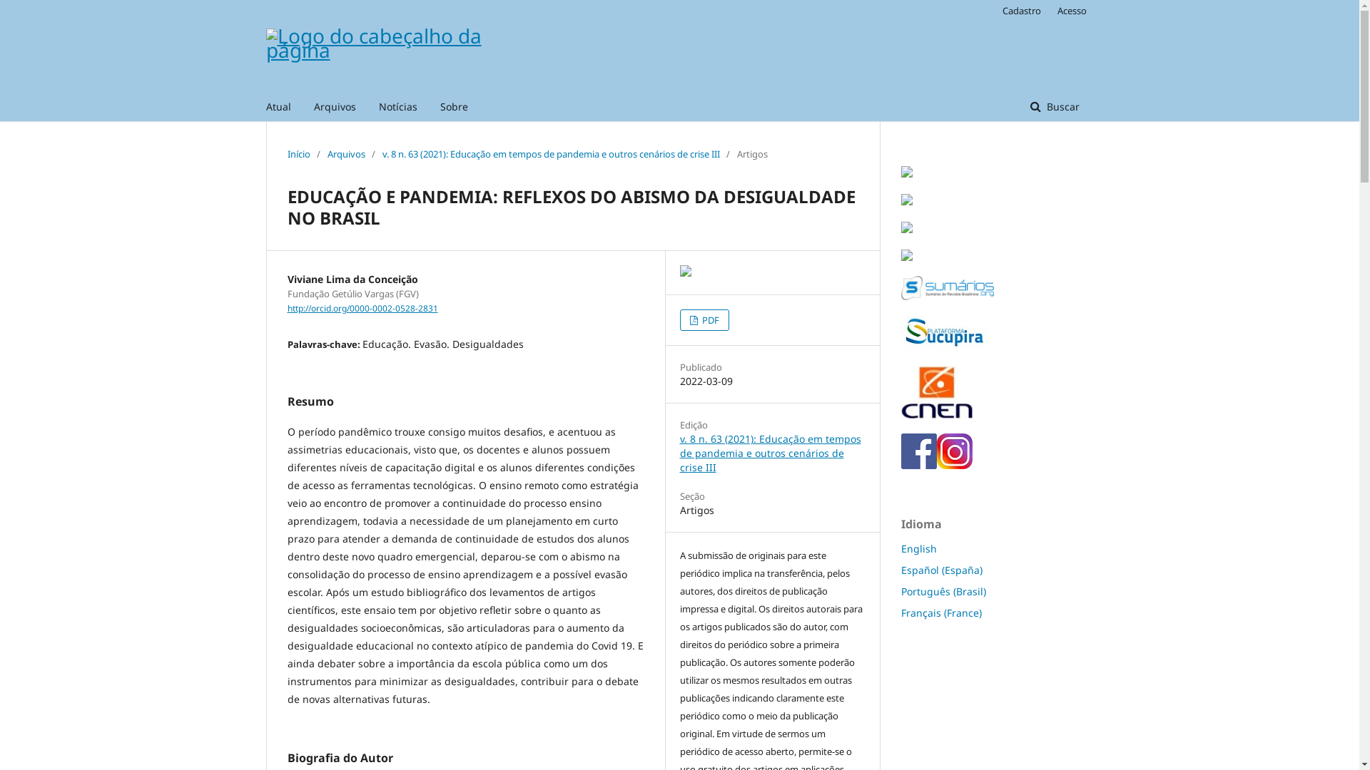 The image size is (1370, 770). What do you see at coordinates (704, 319) in the screenshot?
I see `'PDF'` at bounding box center [704, 319].